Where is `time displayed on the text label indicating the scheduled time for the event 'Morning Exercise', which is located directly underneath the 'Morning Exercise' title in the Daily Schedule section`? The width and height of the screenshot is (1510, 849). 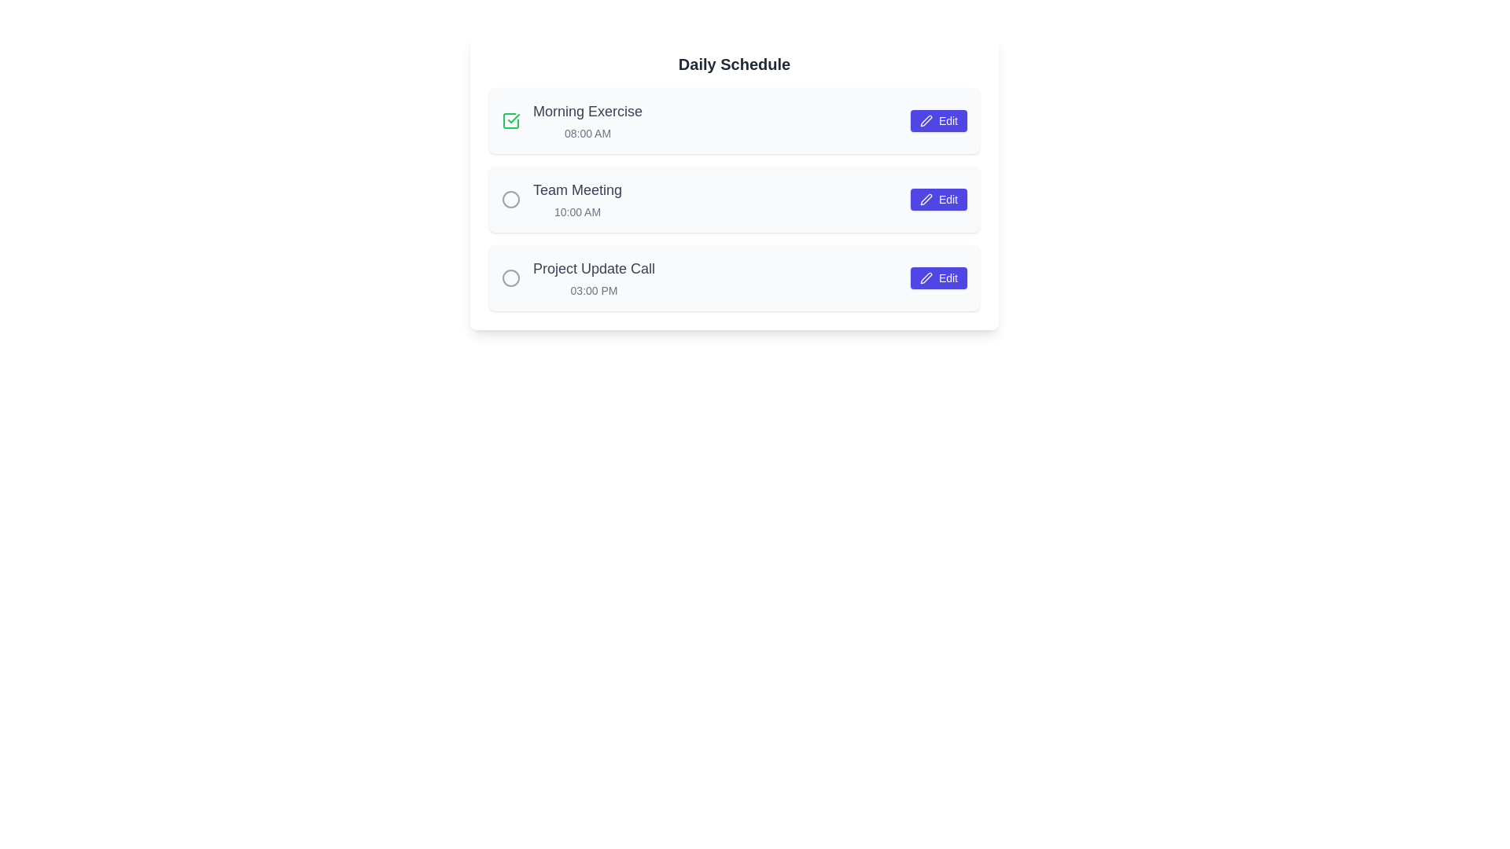 time displayed on the text label indicating the scheduled time for the event 'Morning Exercise', which is located directly underneath the 'Morning Exercise' title in the Daily Schedule section is located at coordinates (587, 132).